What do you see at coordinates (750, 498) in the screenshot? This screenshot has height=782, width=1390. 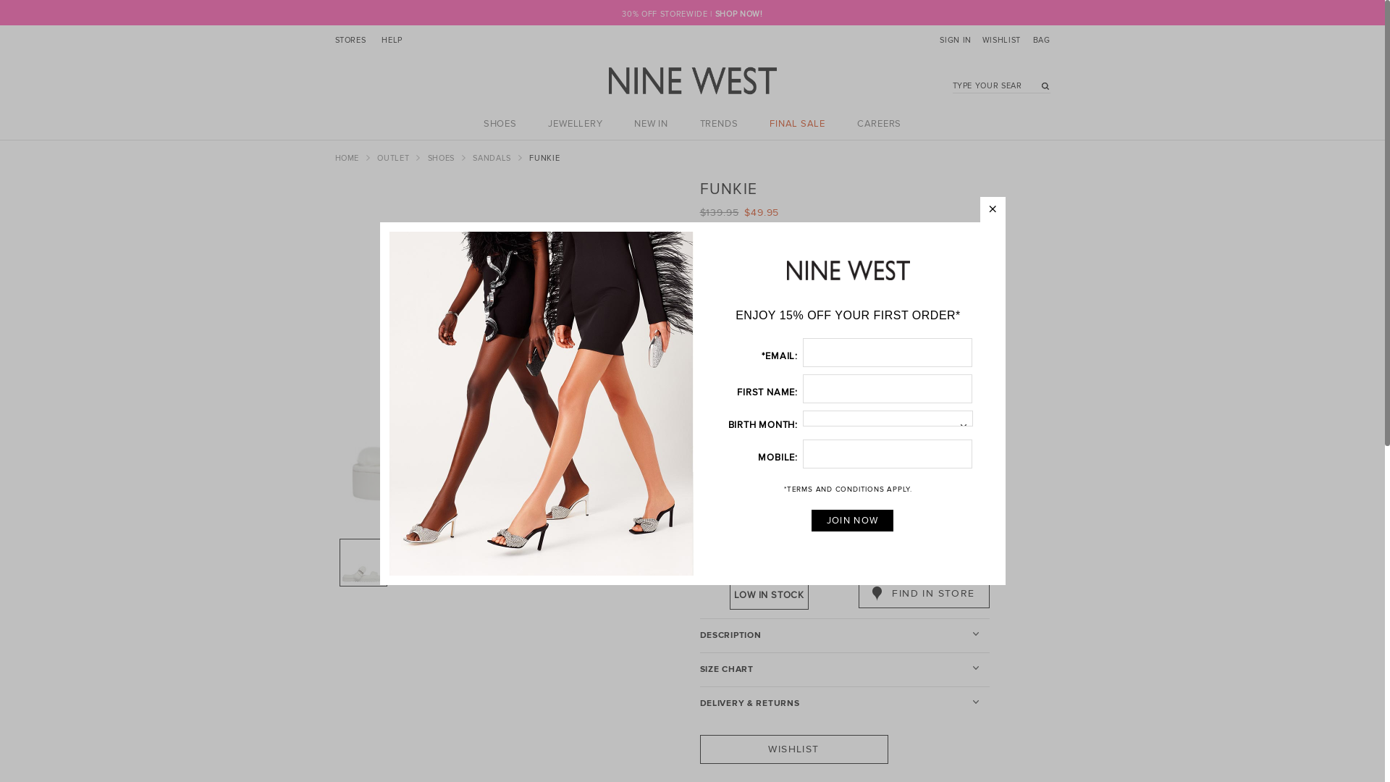 I see `'IVORY'` at bounding box center [750, 498].